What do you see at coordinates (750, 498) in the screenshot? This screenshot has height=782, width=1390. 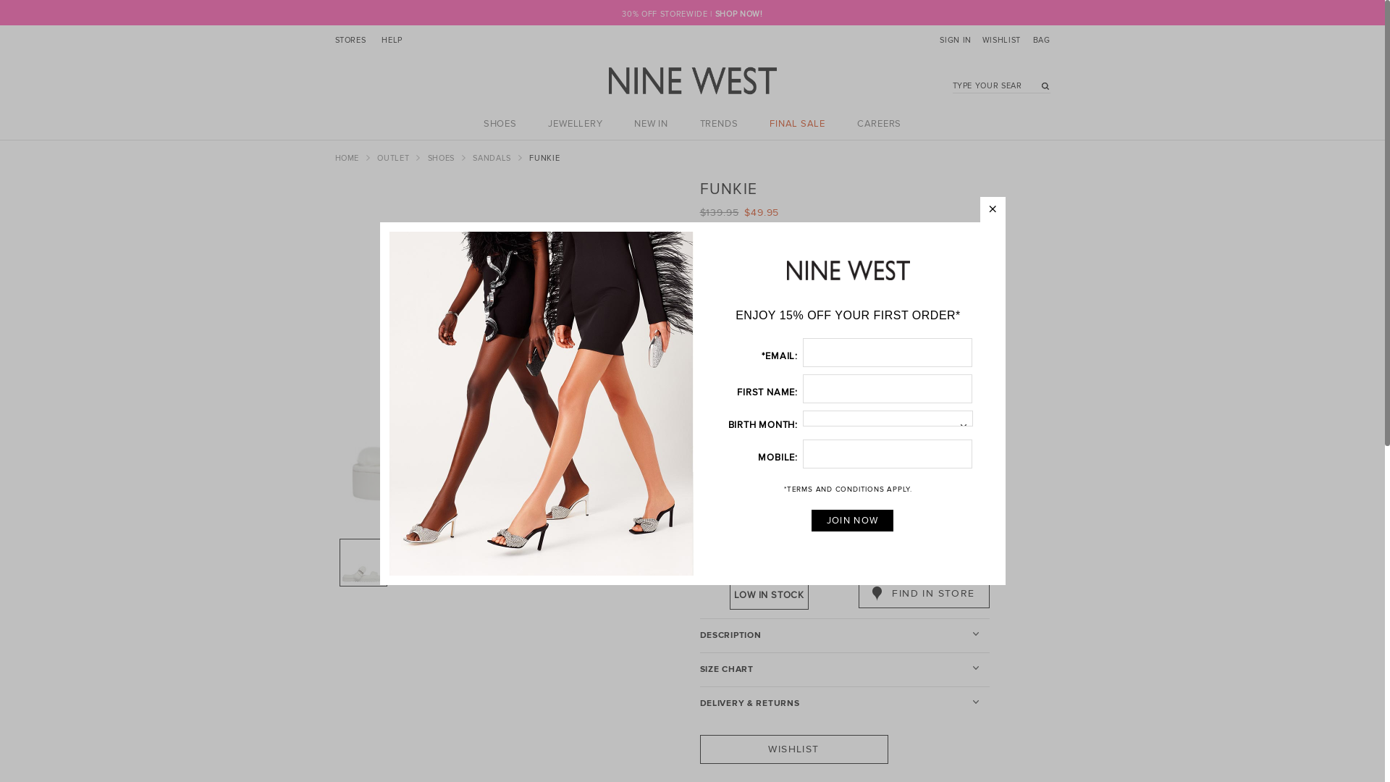 I see `'IVORY'` at bounding box center [750, 498].